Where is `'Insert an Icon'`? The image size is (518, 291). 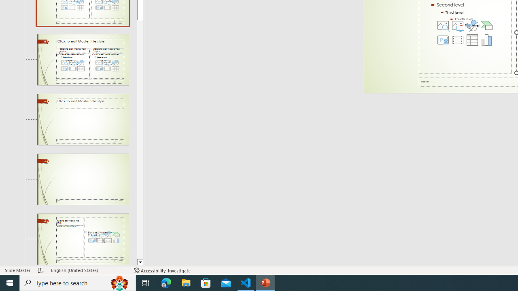 'Insert an Icon' is located at coordinates (472, 25).